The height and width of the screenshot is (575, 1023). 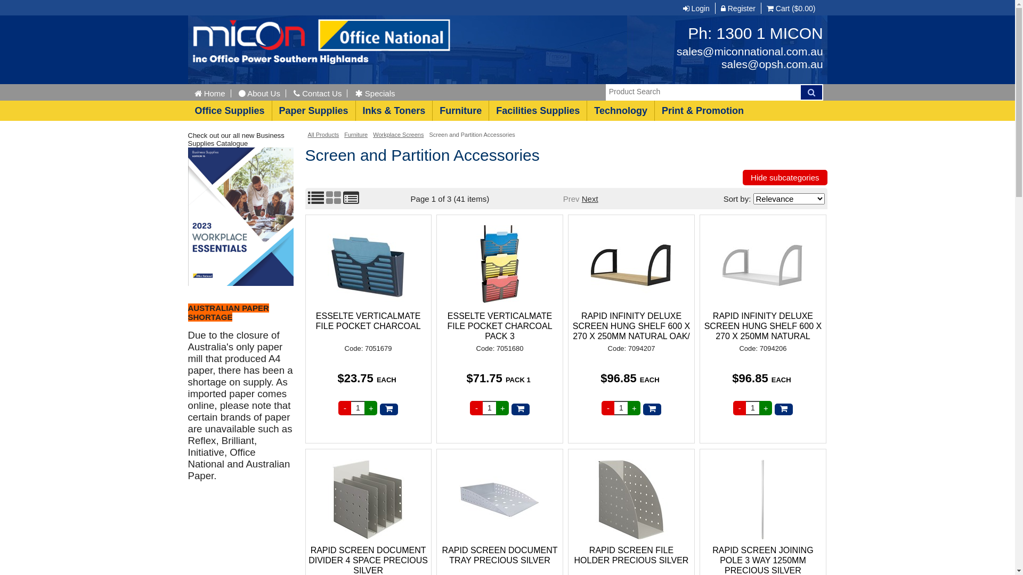 What do you see at coordinates (332, 201) in the screenshot?
I see `'Grid View'` at bounding box center [332, 201].